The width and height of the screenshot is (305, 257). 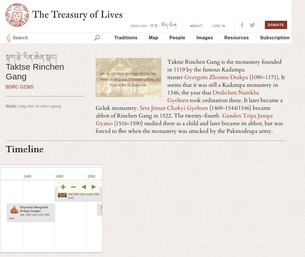 What do you see at coordinates (109, 85) in the screenshot?
I see `'if you'd like to share one.'` at bounding box center [109, 85].